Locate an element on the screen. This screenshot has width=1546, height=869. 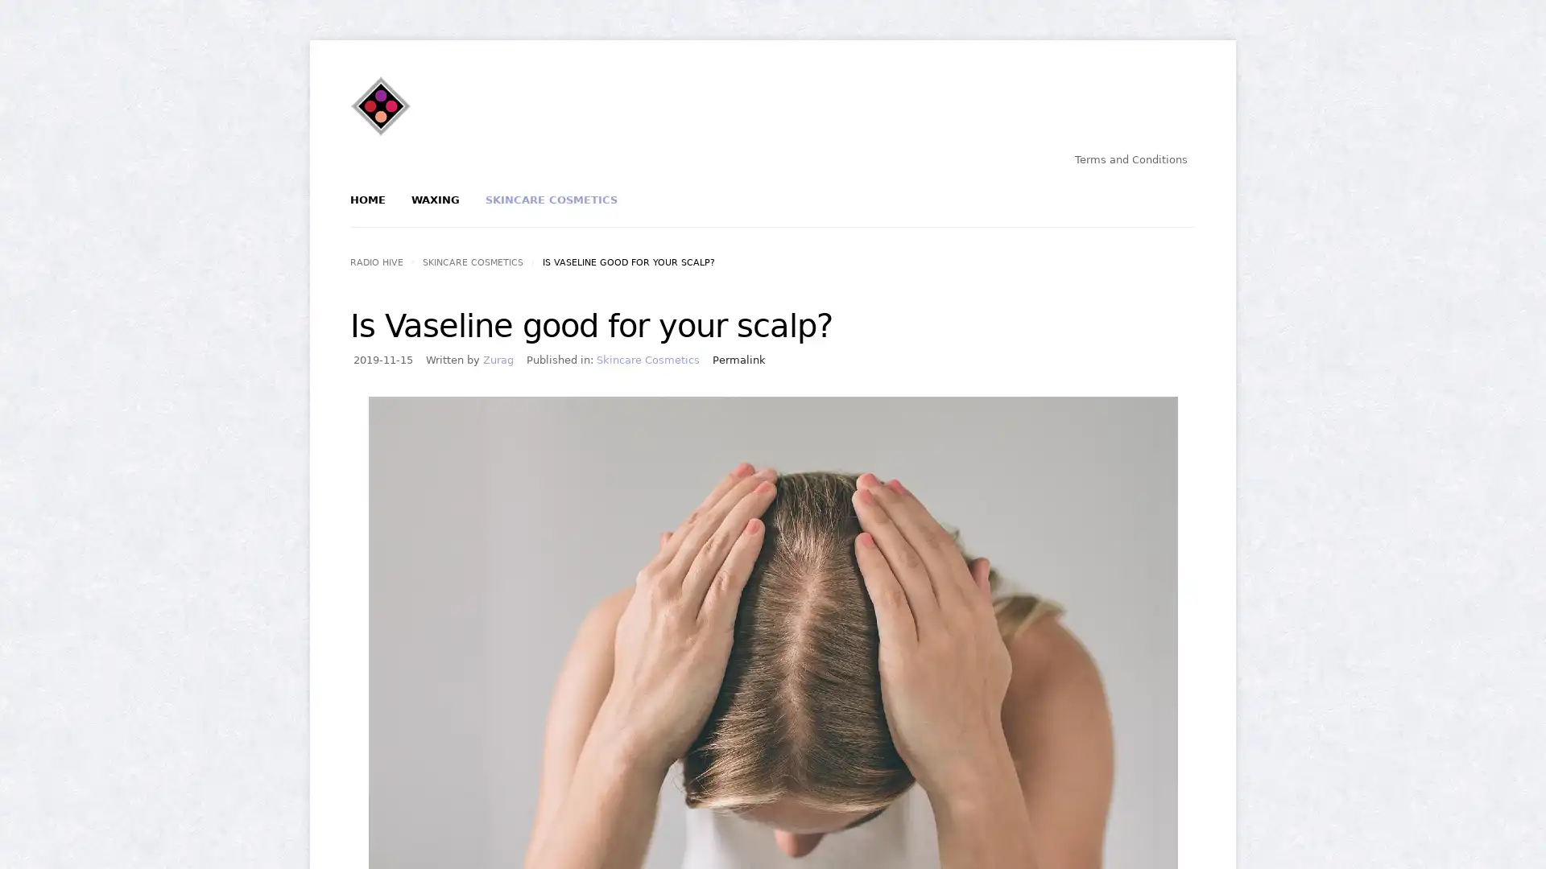
Log In is located at coordinates (716, 271).